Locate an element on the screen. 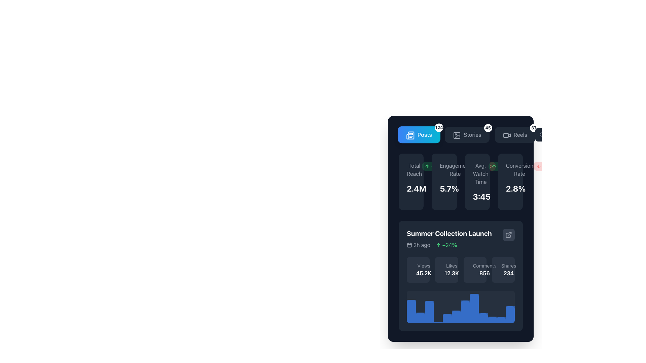 This screenshot has height=363, width=646. the decorative rectangular element with rounded corners styled in dark color within the calendar icon located near the 'Summer Collection Launch' section is located at coordinates (409, 245).